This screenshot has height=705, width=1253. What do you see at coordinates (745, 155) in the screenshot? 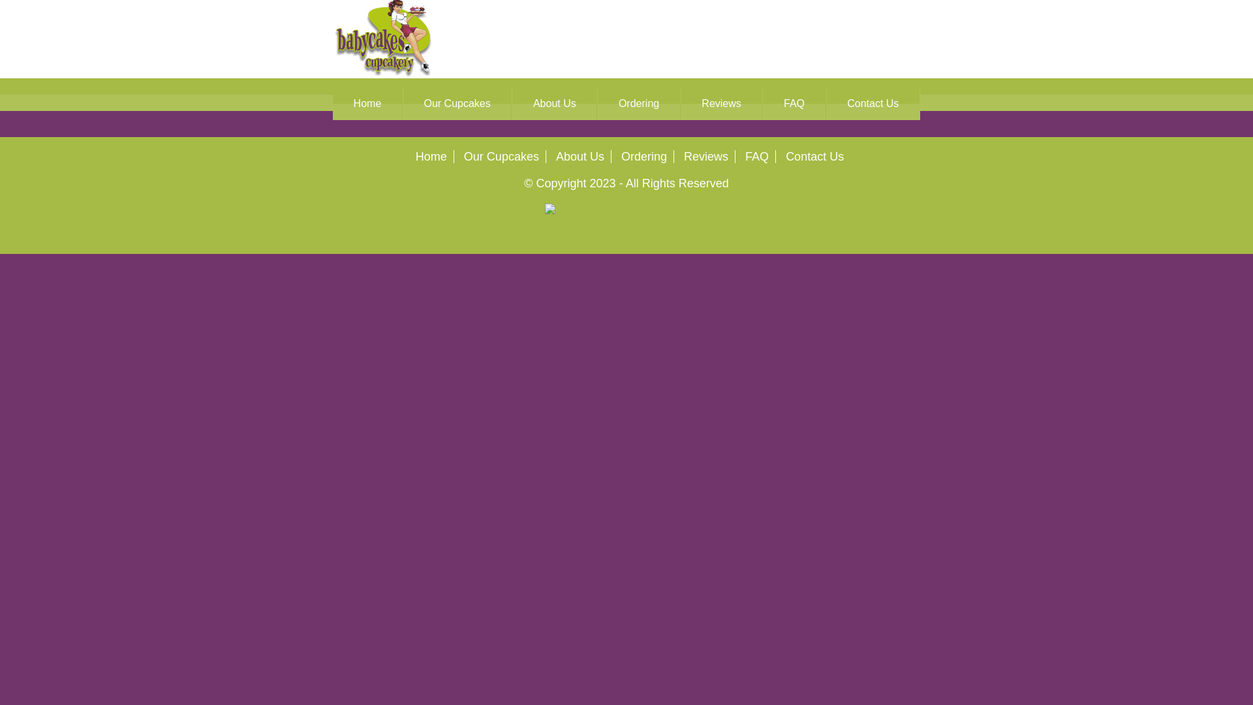
I see `'FAQ'` at bounding box center [745, 155].